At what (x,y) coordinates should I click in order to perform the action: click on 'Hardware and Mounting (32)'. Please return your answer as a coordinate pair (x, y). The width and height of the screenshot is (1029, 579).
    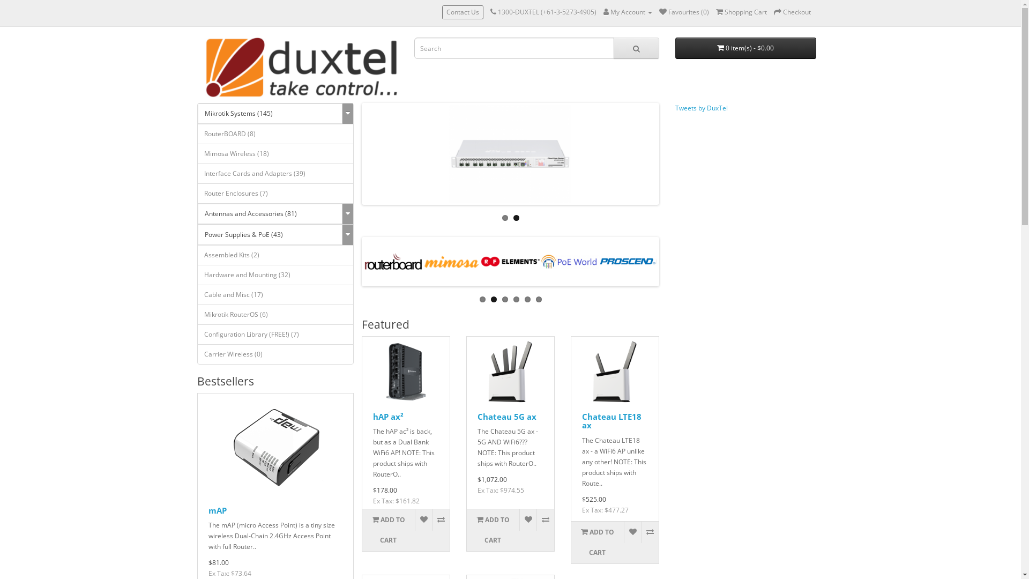
    Looking at the image, I should click on (197, 274).